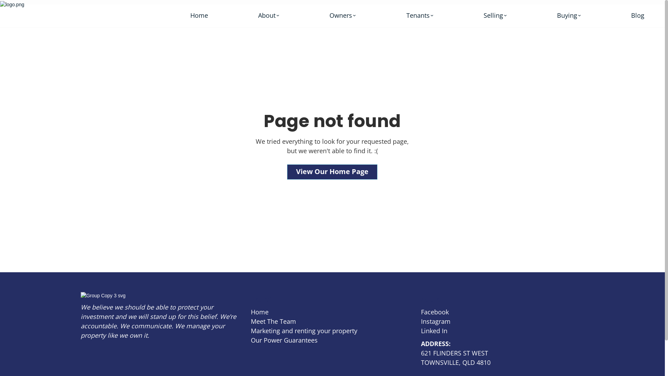  I want to click on 'Tenants', so click(406, 15).